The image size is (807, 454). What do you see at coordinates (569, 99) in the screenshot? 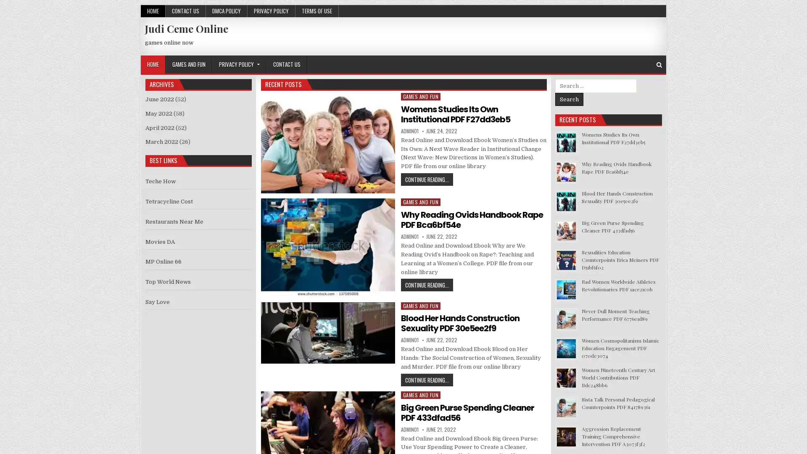
I see `Search` at bounding box center [569, 99].